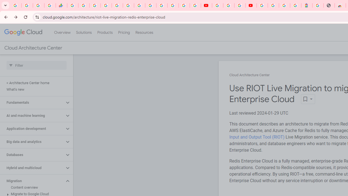 The width and height of the screenshot is (348, 196). Describe the element at coordinates (123, 32) in the screenshot. I see `'Pricing'` at that location.